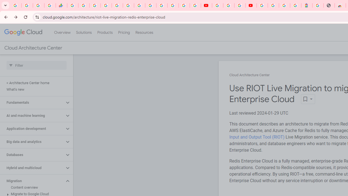 The width and height of the screenshot is (348, 196). Describe the element at coordinates (123, 32) in the screenshot. I see `'Pricing'` at that location.